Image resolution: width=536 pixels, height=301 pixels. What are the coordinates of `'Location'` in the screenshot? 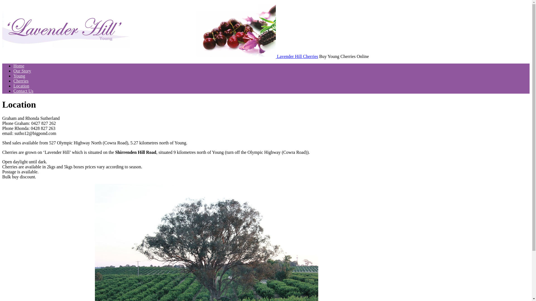 It's located at (21, 86).